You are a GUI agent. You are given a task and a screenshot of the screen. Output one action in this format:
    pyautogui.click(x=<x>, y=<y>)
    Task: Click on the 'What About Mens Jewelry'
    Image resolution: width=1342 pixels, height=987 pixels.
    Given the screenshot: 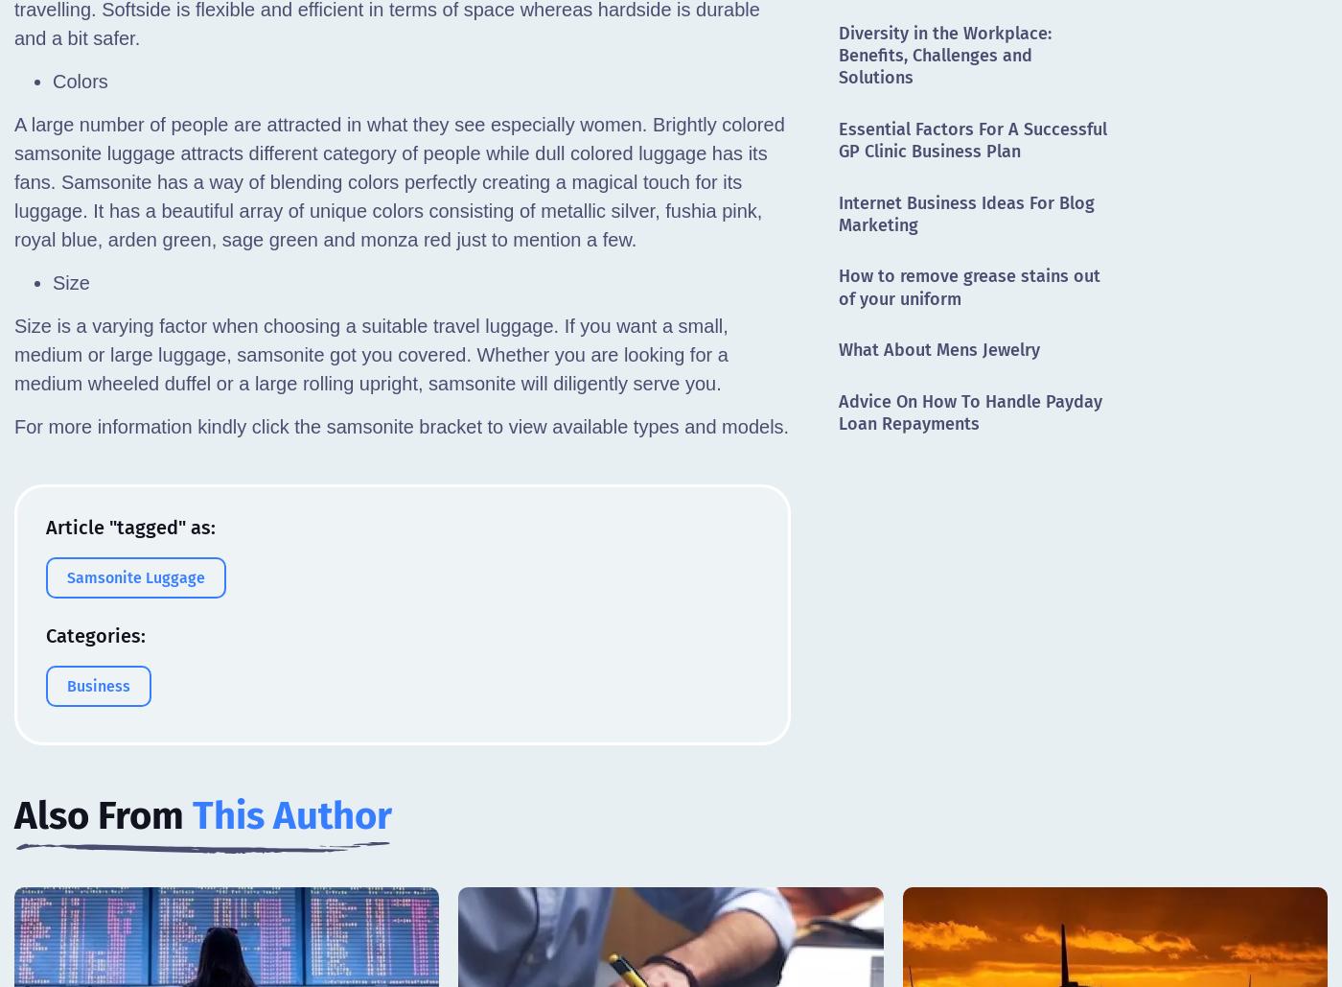 What is the action you would take?
    pyautogui.click(x=839, y=349)
    